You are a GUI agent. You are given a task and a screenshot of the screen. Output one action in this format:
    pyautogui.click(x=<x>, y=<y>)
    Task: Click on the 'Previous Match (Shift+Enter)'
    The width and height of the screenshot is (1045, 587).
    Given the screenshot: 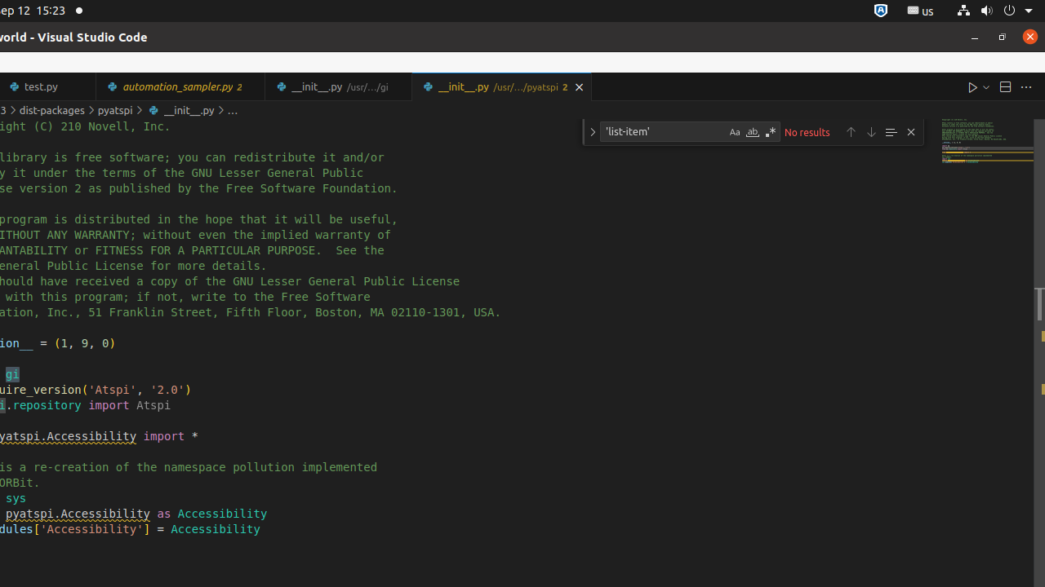 What is the action you would take?
    pyautogui.click(x=850, y=130)
    